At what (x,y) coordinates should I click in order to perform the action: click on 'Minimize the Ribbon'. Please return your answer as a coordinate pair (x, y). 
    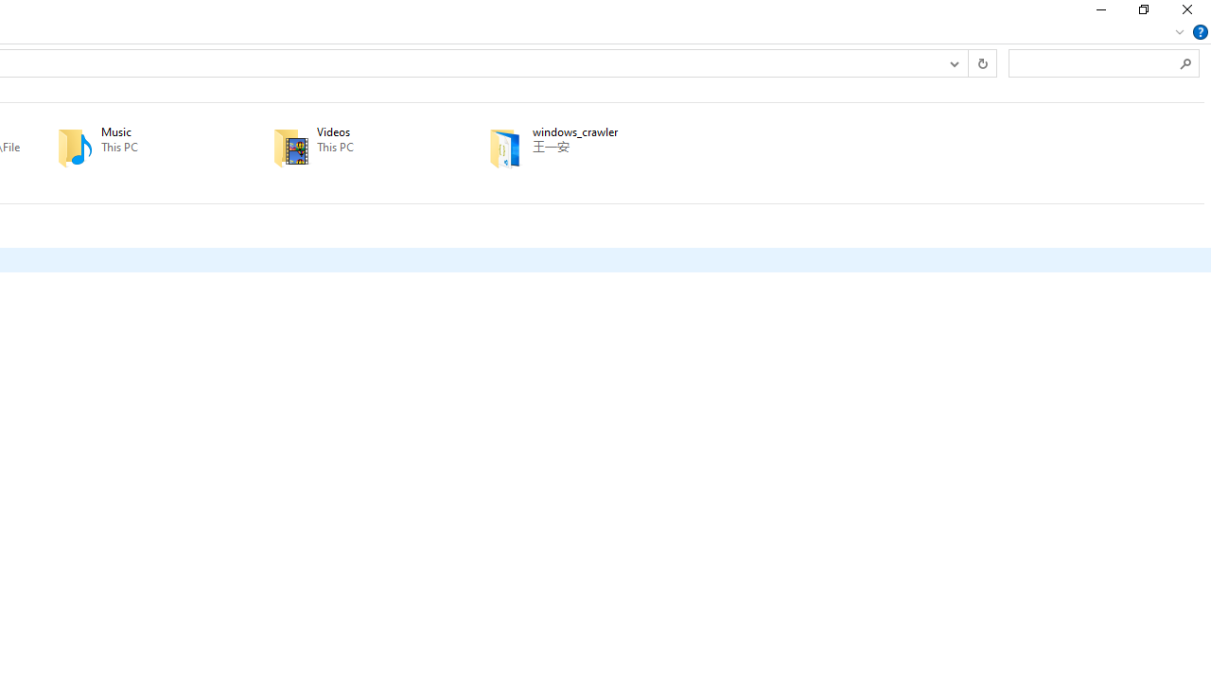
    Looking at the image, I should click on (1179, 31).